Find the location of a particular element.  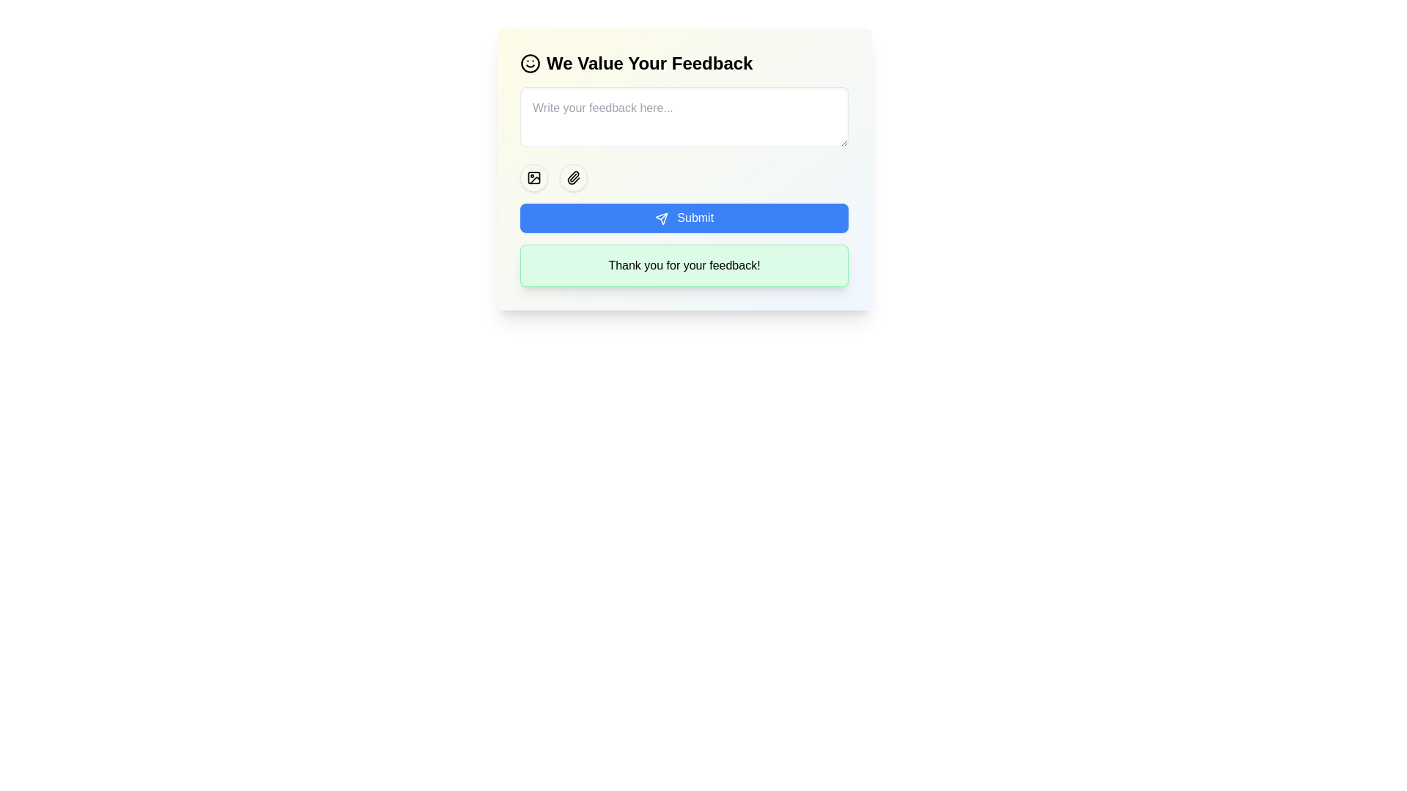

the 'send' icon, which is a small triangular shape located on the left side of the text within the blue 'Submit' button is located at coordinates (660, 218).